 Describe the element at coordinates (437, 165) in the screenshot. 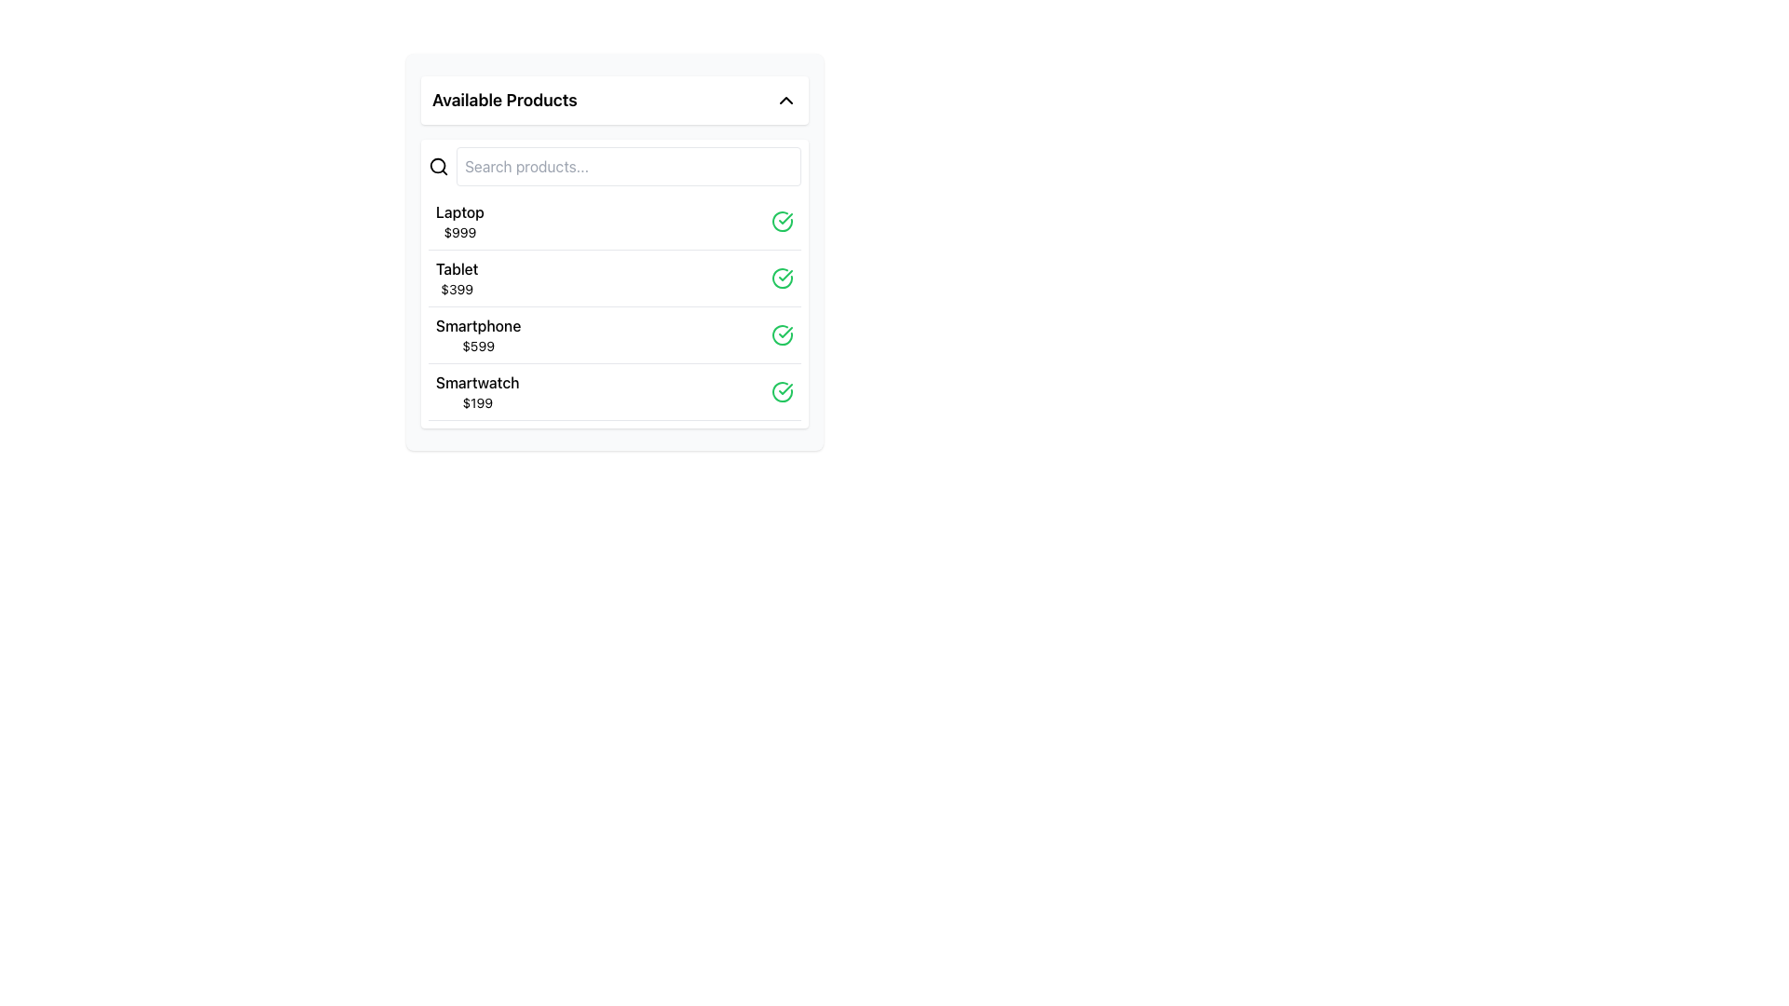

I see `the magnifying glass icon, which is black and symbolizes search functionality, located directly before the search input field labeled 'Search products...'` at that location.